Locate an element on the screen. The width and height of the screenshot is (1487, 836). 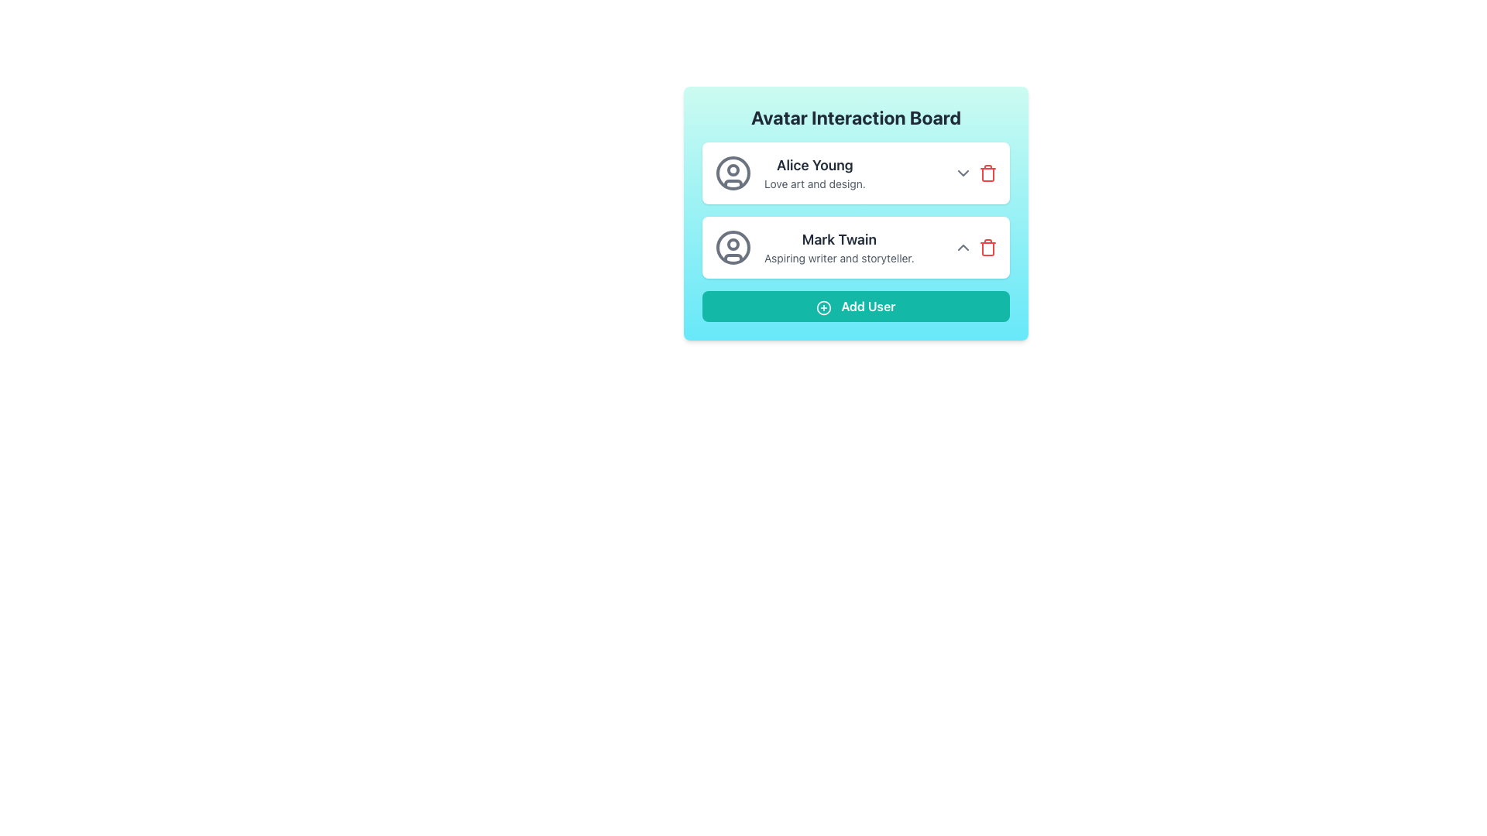
the decorative outermost circle of the 'Add User' button icon located to the left of the 'Add User' text is located at coordinates (823, 307).